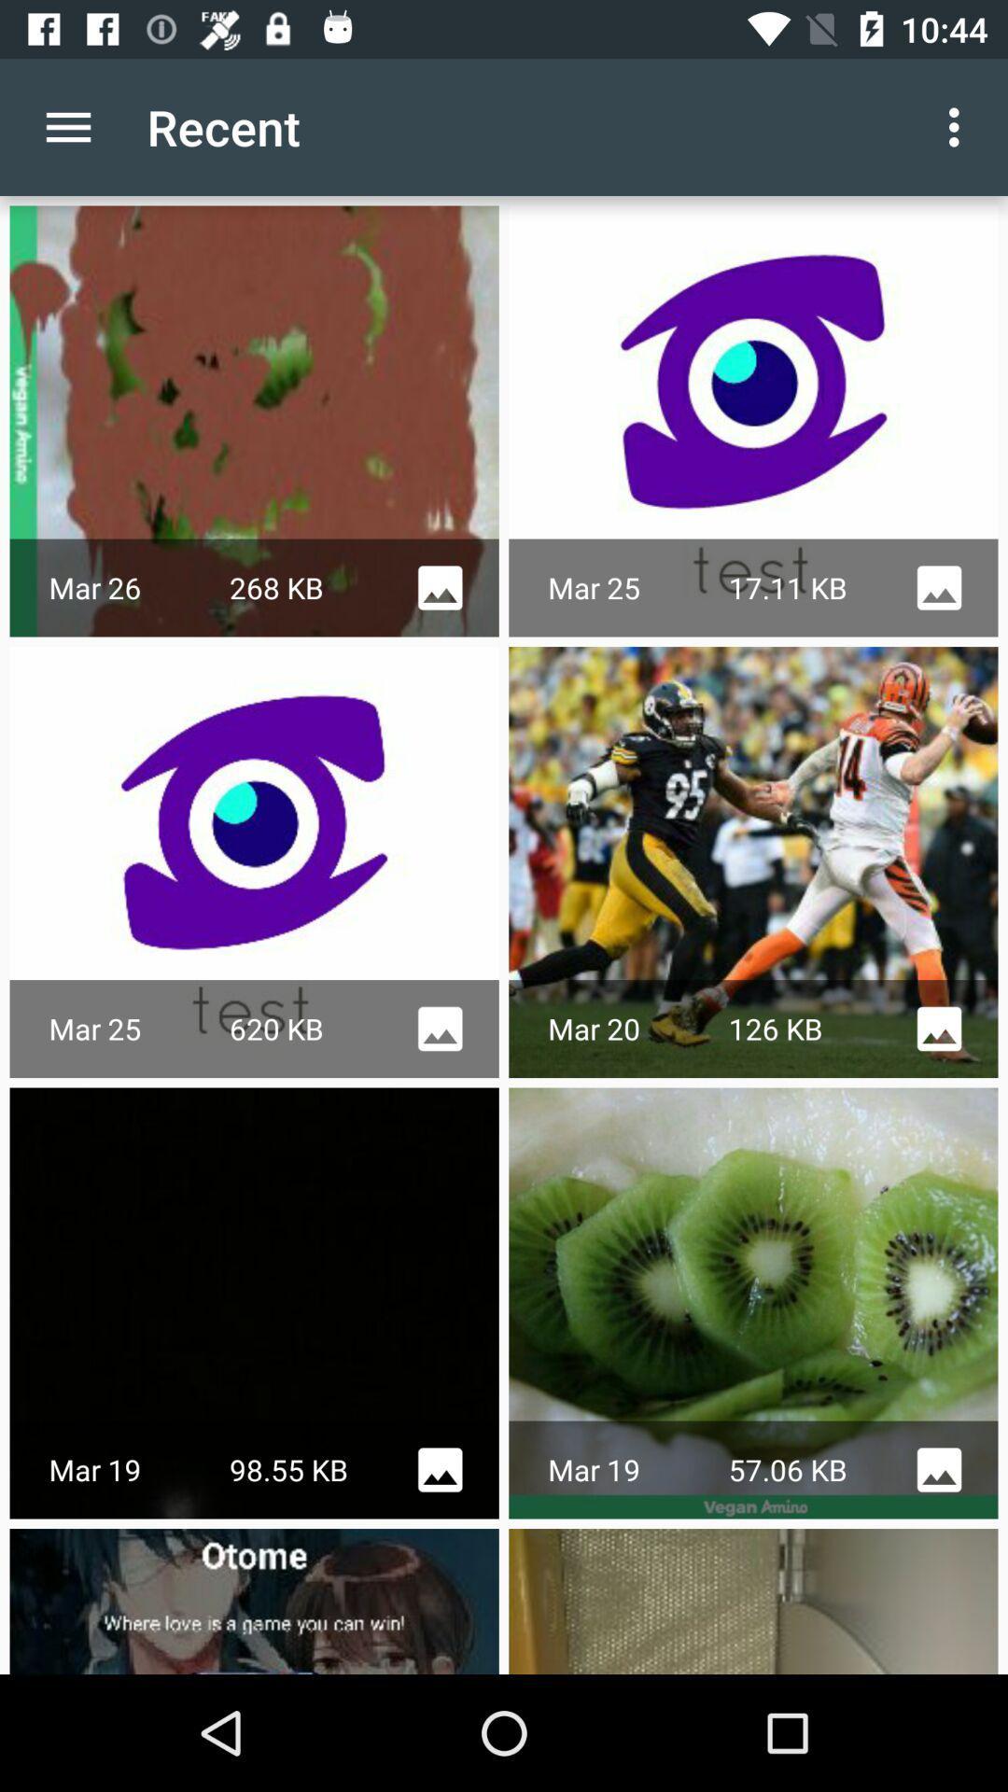 The width and height of the screenshot is (1008, 1792). What do you see at coordinates (752, 1600) in the screenshot?
I see `first right image from bottom` at bounding box center [752, 1600].